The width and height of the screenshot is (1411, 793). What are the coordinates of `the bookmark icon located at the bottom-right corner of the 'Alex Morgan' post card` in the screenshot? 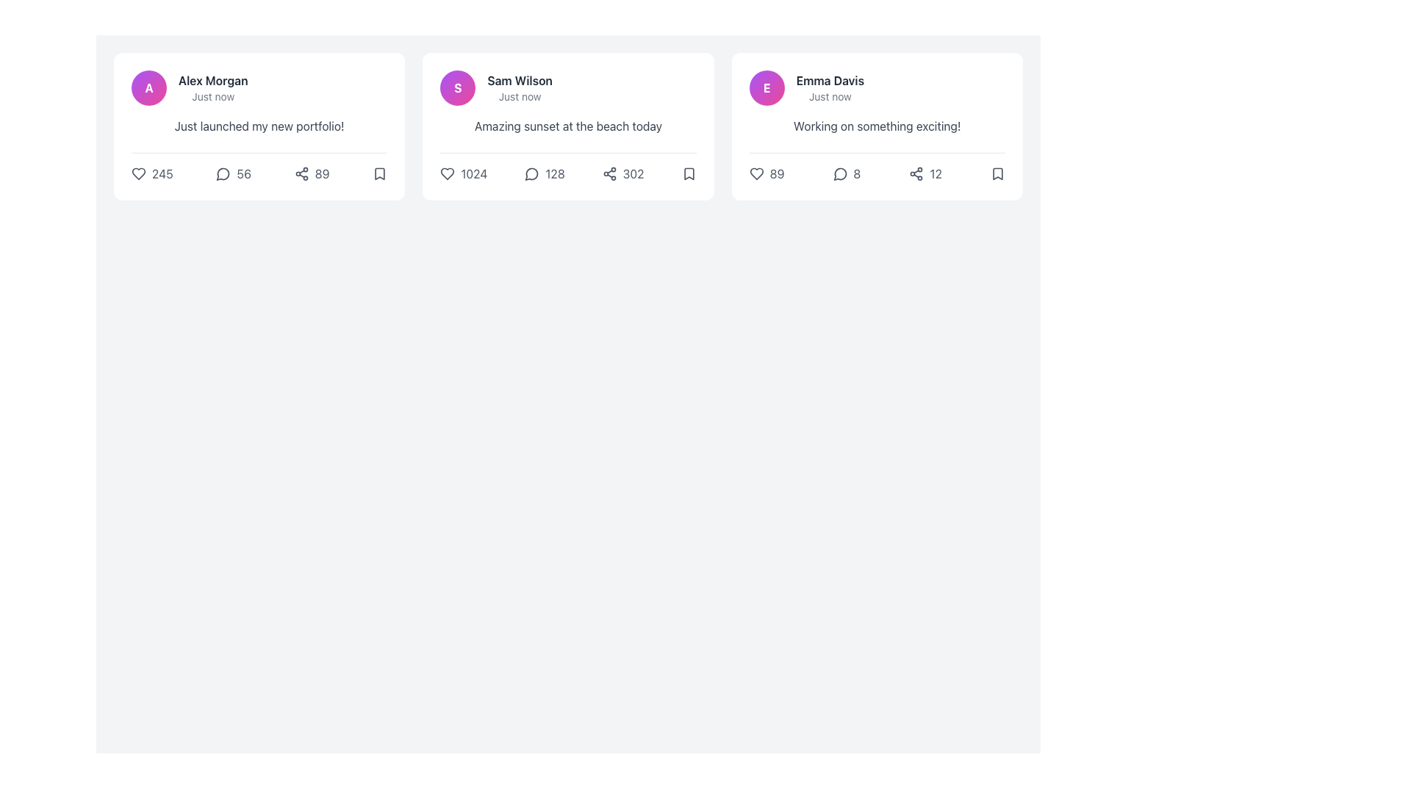 It's located at (380, 173).